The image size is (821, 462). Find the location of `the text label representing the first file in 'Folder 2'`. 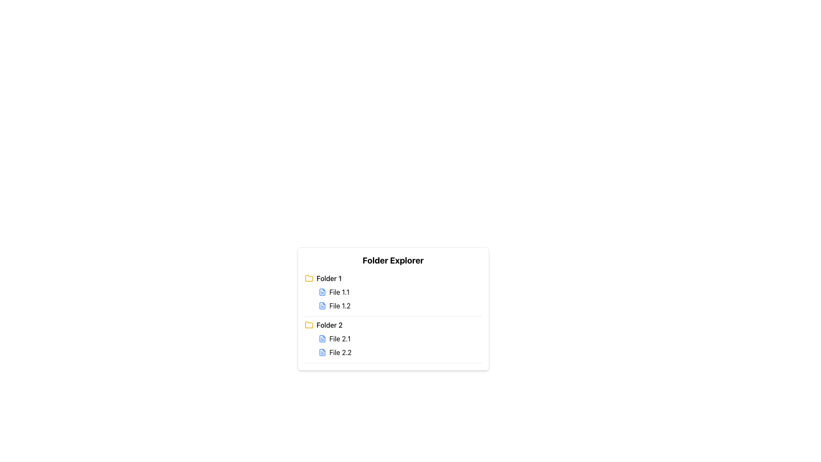

the text label representing the first file in 'Folder 2' is located at coordinates (340, 338).